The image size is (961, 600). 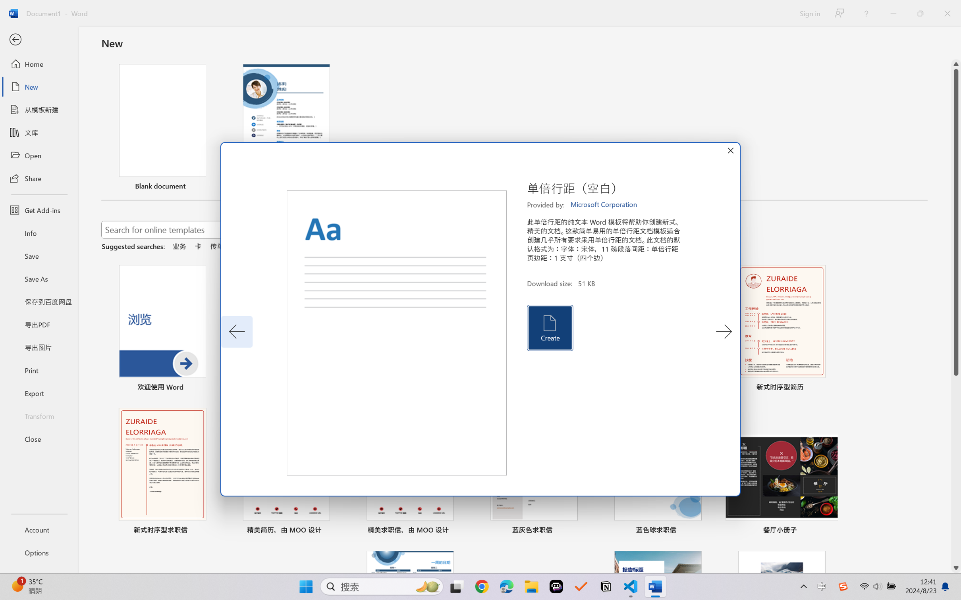 What do you see at coordinates (549, 328) in the screenshot?
I see `'Create'` at bounding box center [549, 328].